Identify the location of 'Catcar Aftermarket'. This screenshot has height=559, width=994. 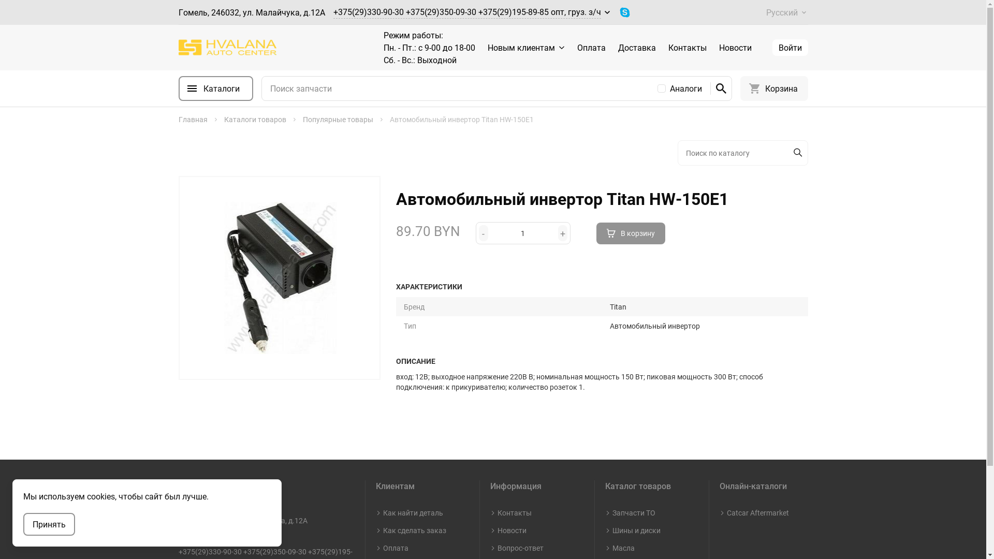
(758, 513).